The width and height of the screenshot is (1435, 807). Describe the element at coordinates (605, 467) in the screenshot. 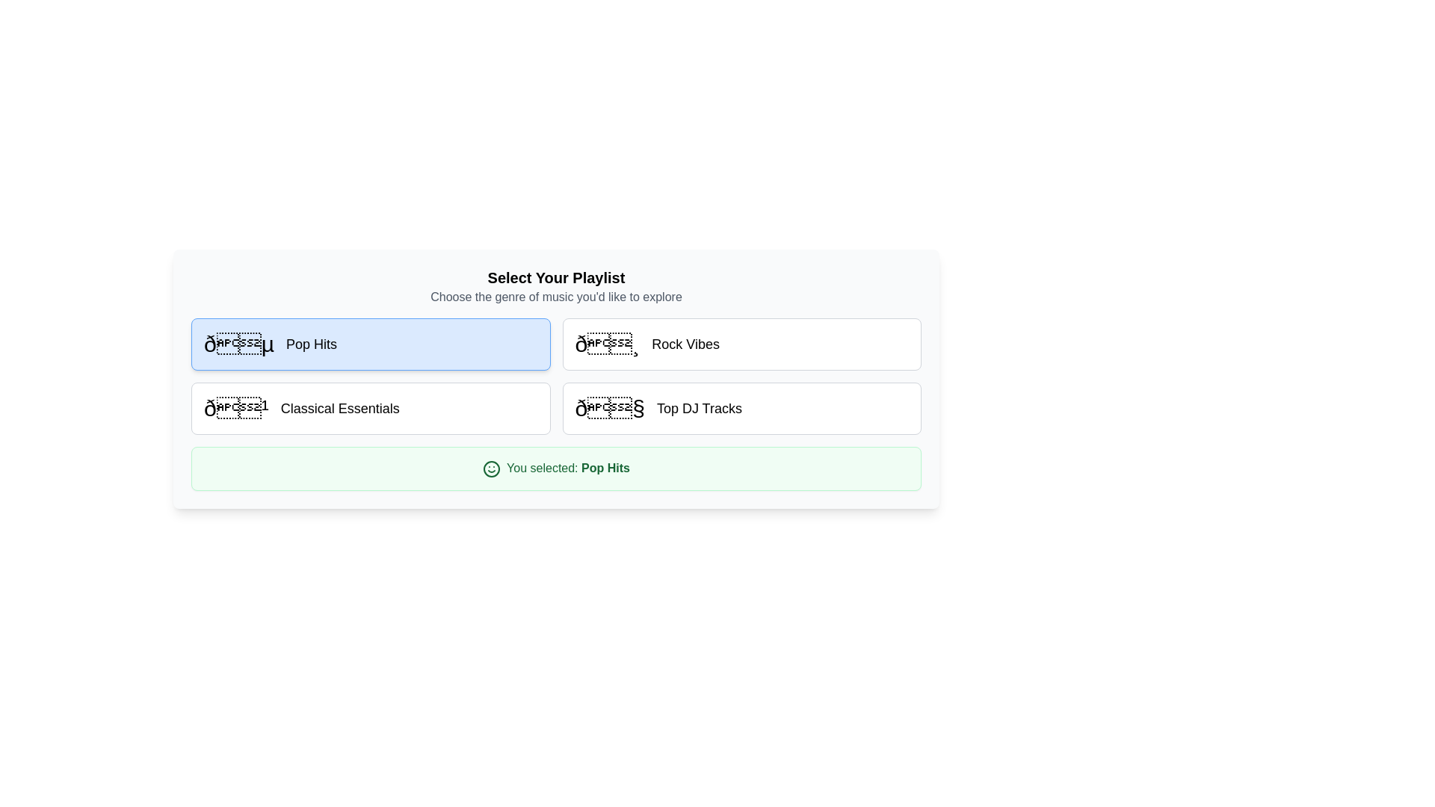

I see `the 'Pop Hits' text label, which is styled in green color and located within the confirmation area at the bottom of the interface, under the playlist selection options` at that location.